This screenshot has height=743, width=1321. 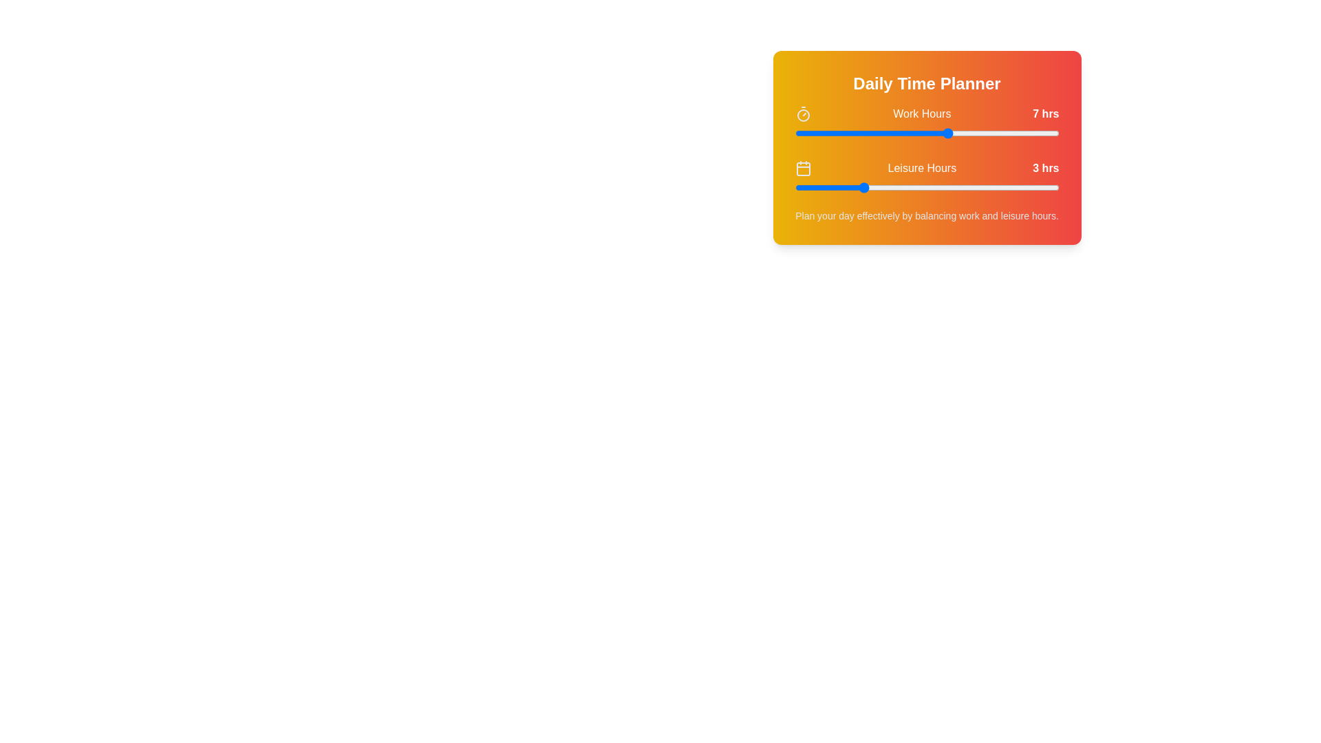 I want to click on work hours, so click(x=905, y=133).